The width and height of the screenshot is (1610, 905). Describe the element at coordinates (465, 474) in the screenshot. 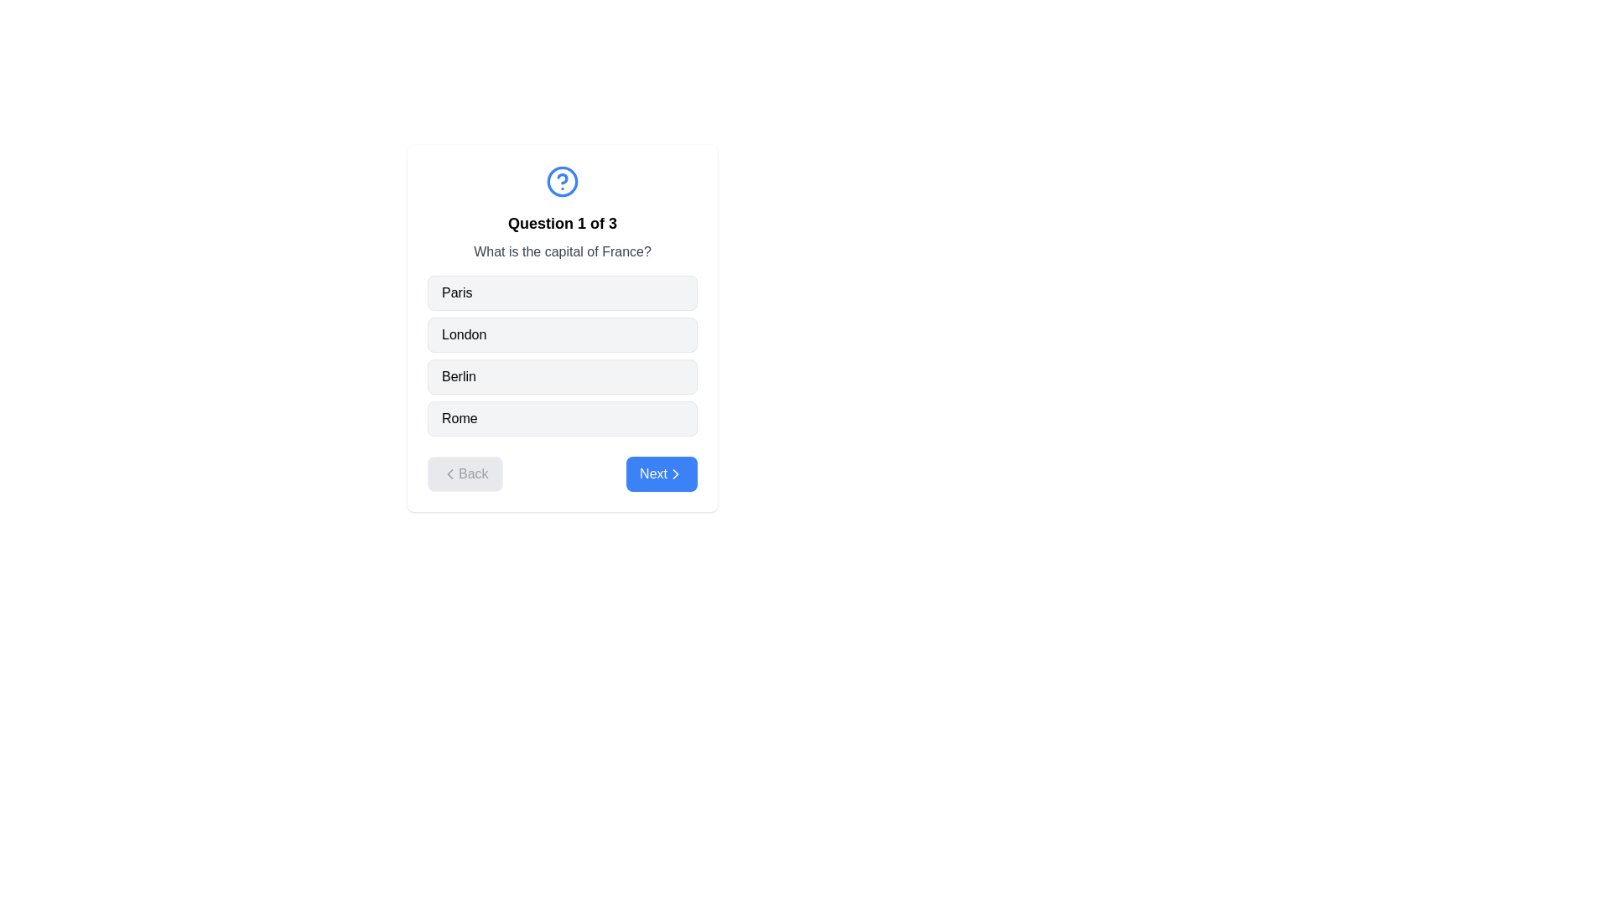

I see `the 'Back' button with a gray background and a left-pointing chevron icon` at that location.